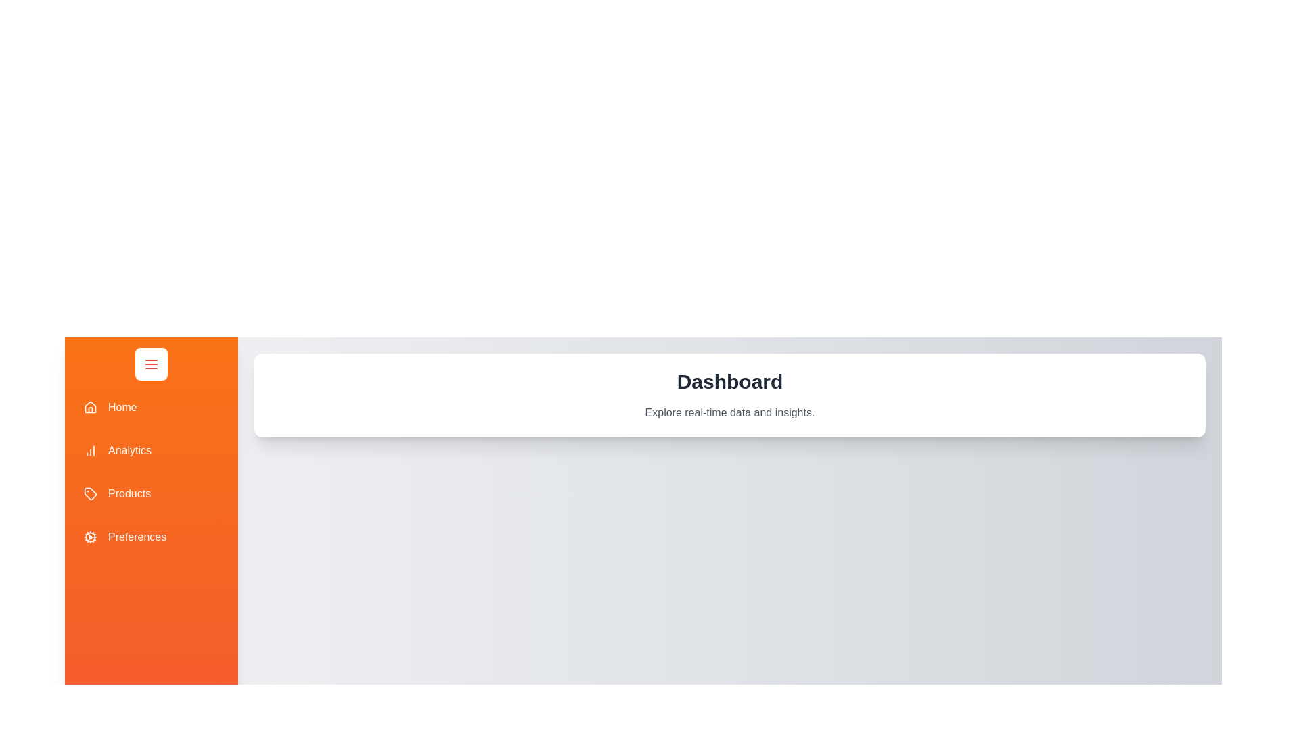 Image resolution: width=1299 pixels, height=730 pixels. What do you see at coordinates (152, 494) in the screenshot?
I see `the Products tab in the drawer` at bounding box center [152, 494].